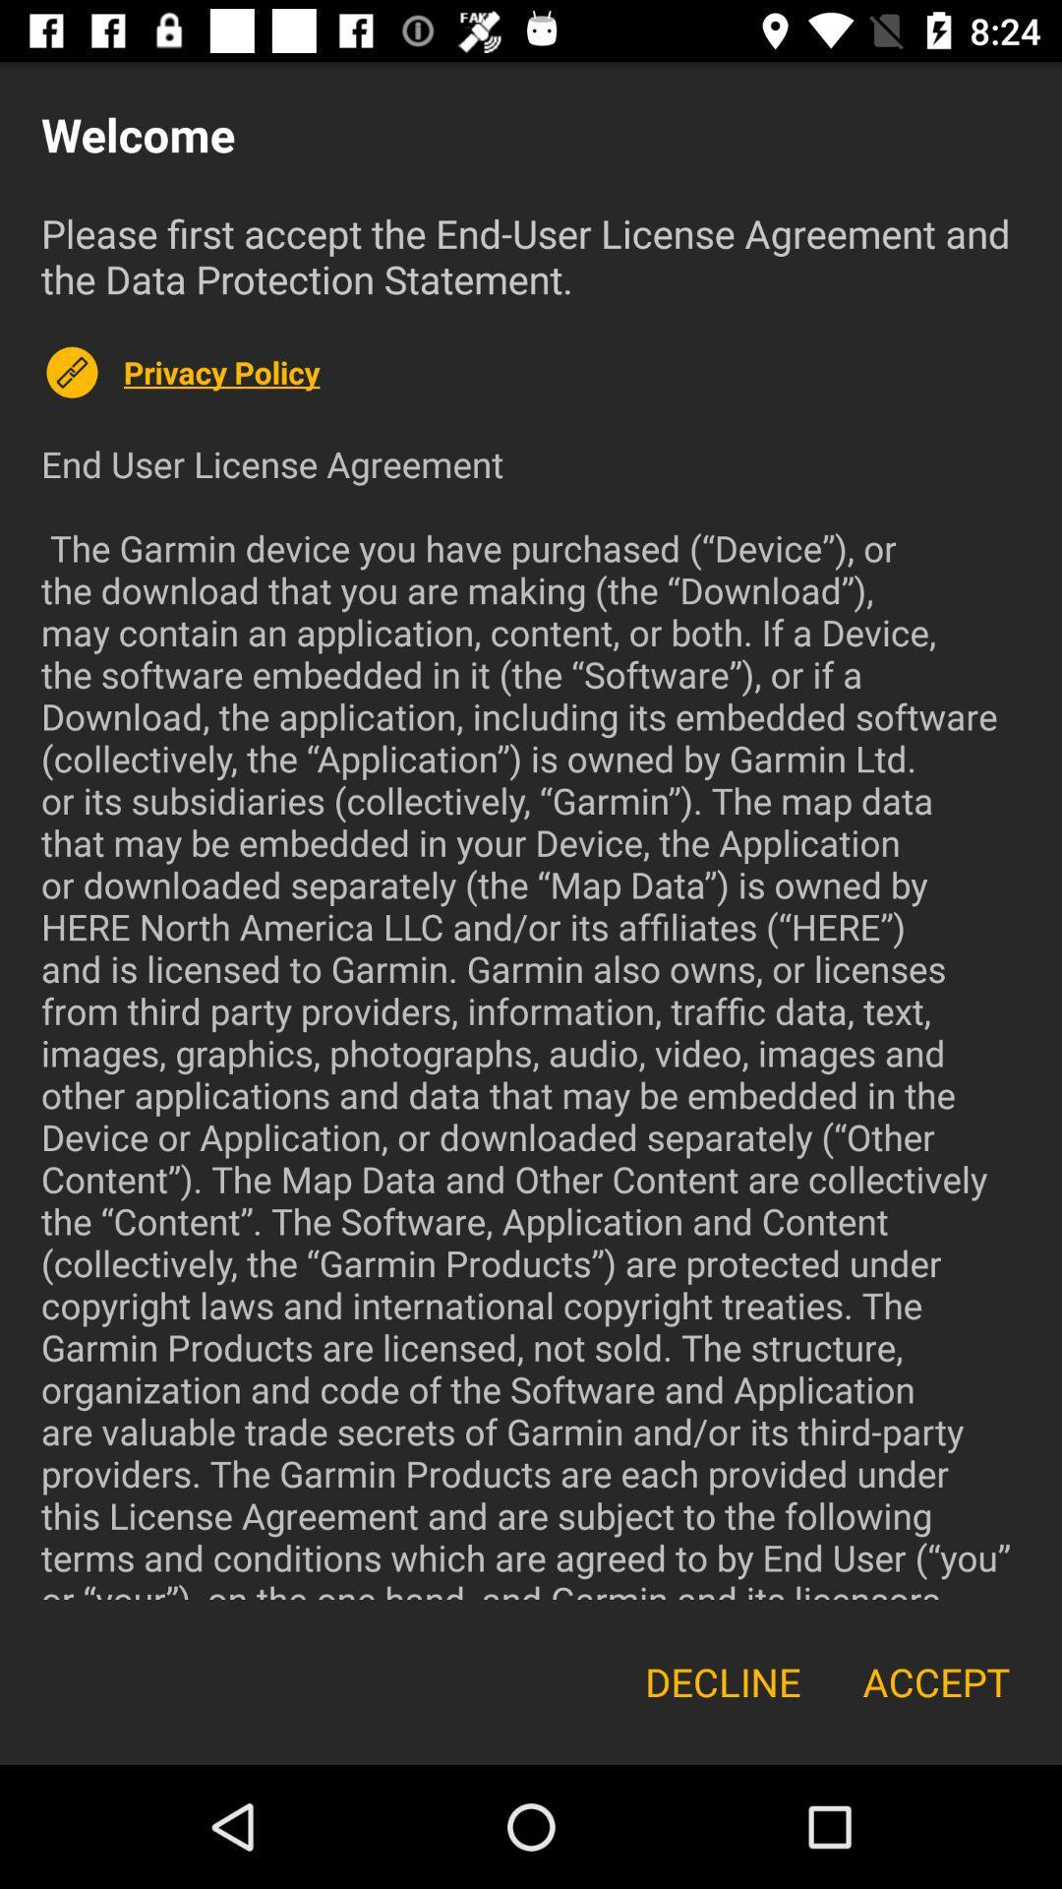 The height and width of the screenshot is (1889, 1062). Describe the element at coordinates (572, 372) in the screenshot. I see `the icon above end user license icon` at that location.